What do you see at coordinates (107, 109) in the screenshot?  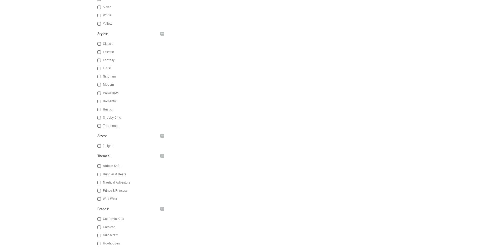 I see `'Rustic'` at bounding box center [107, 109].